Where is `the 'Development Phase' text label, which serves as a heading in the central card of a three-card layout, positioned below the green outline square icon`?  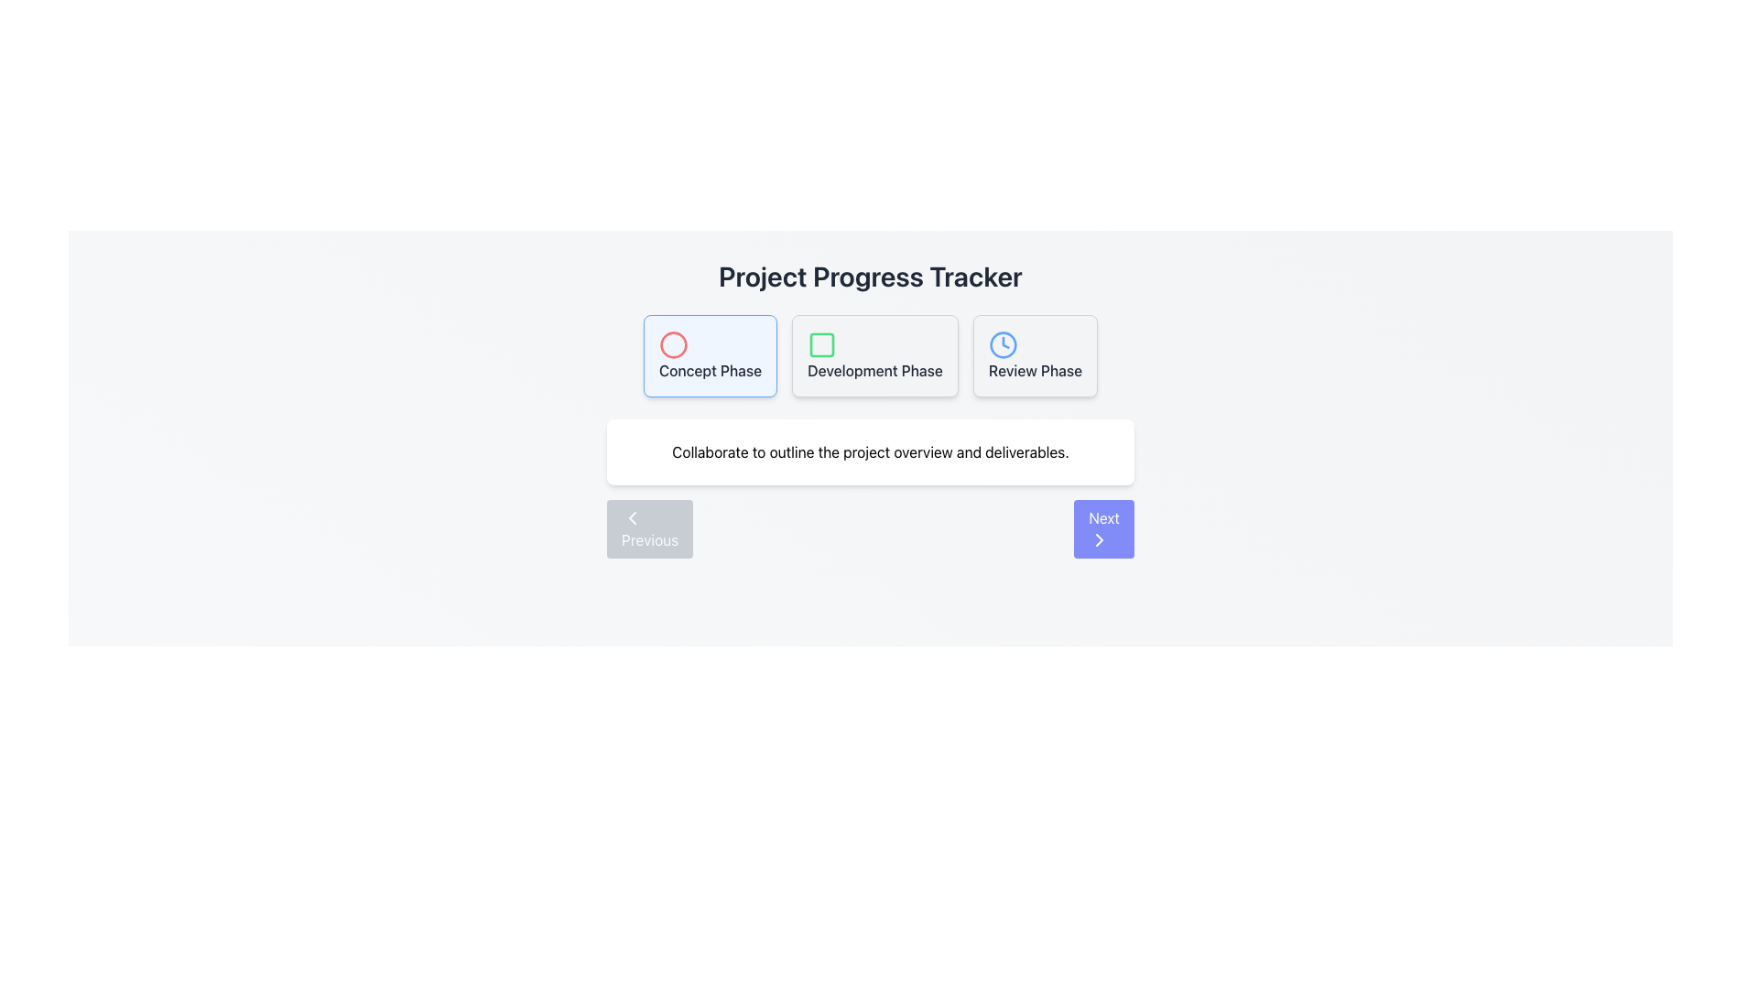
the 'Development Phase' text label, which serves as a heading in the central card of a three-card layout, positioned below the green outline square icon is located at coordinates (874, 371).